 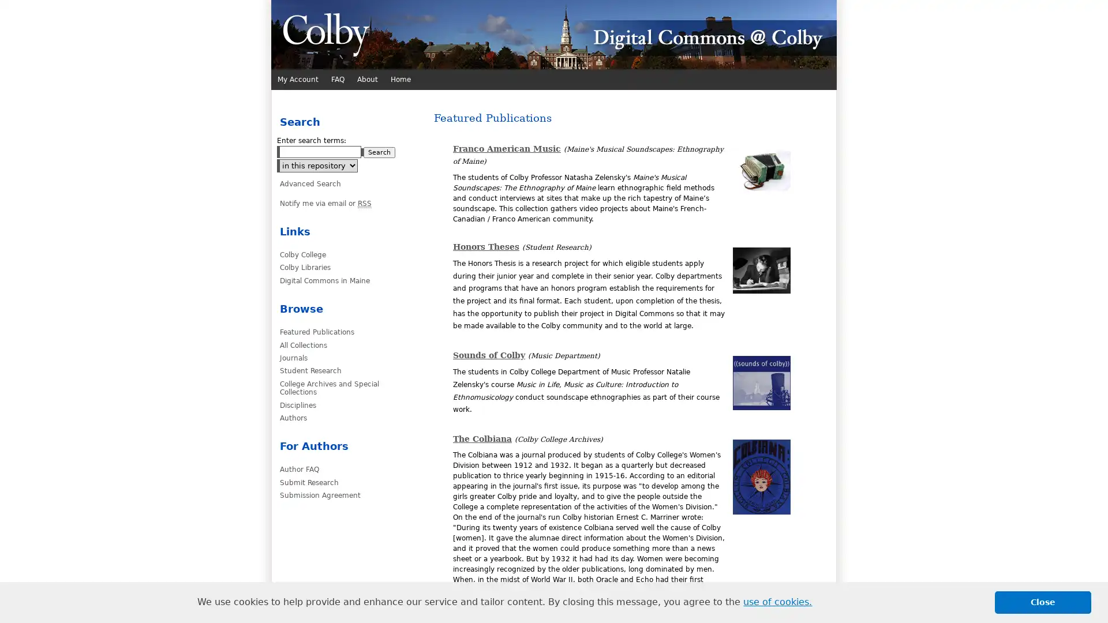 I want to click on Search, so click(x=379, y=152).